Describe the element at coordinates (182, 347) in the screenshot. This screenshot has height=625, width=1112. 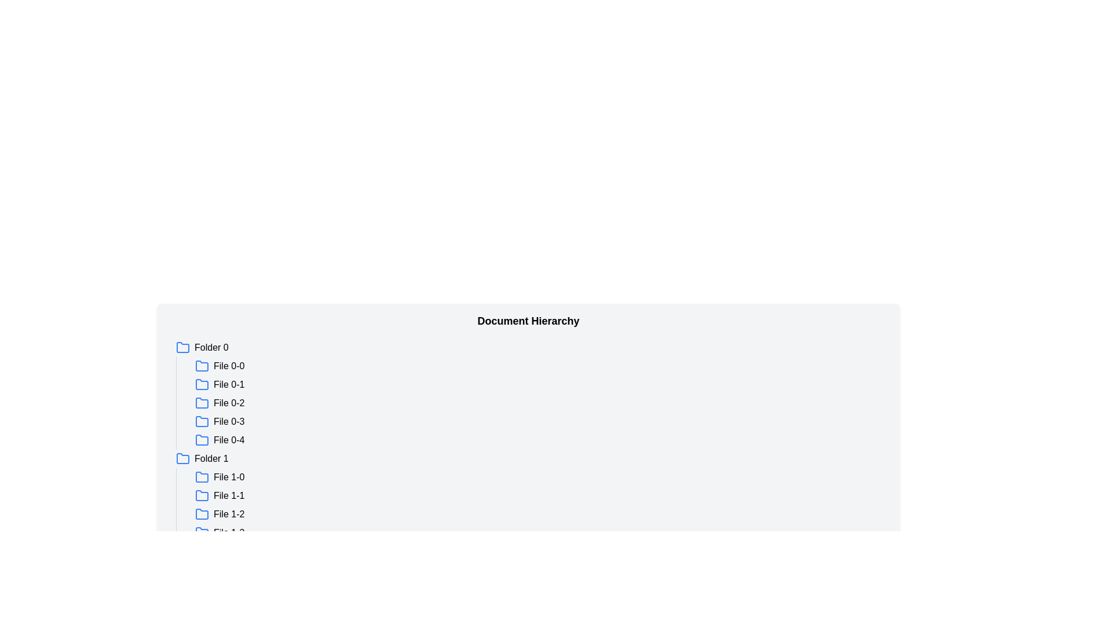
I see `the folder icon representing 'Folder 0'` at that location.